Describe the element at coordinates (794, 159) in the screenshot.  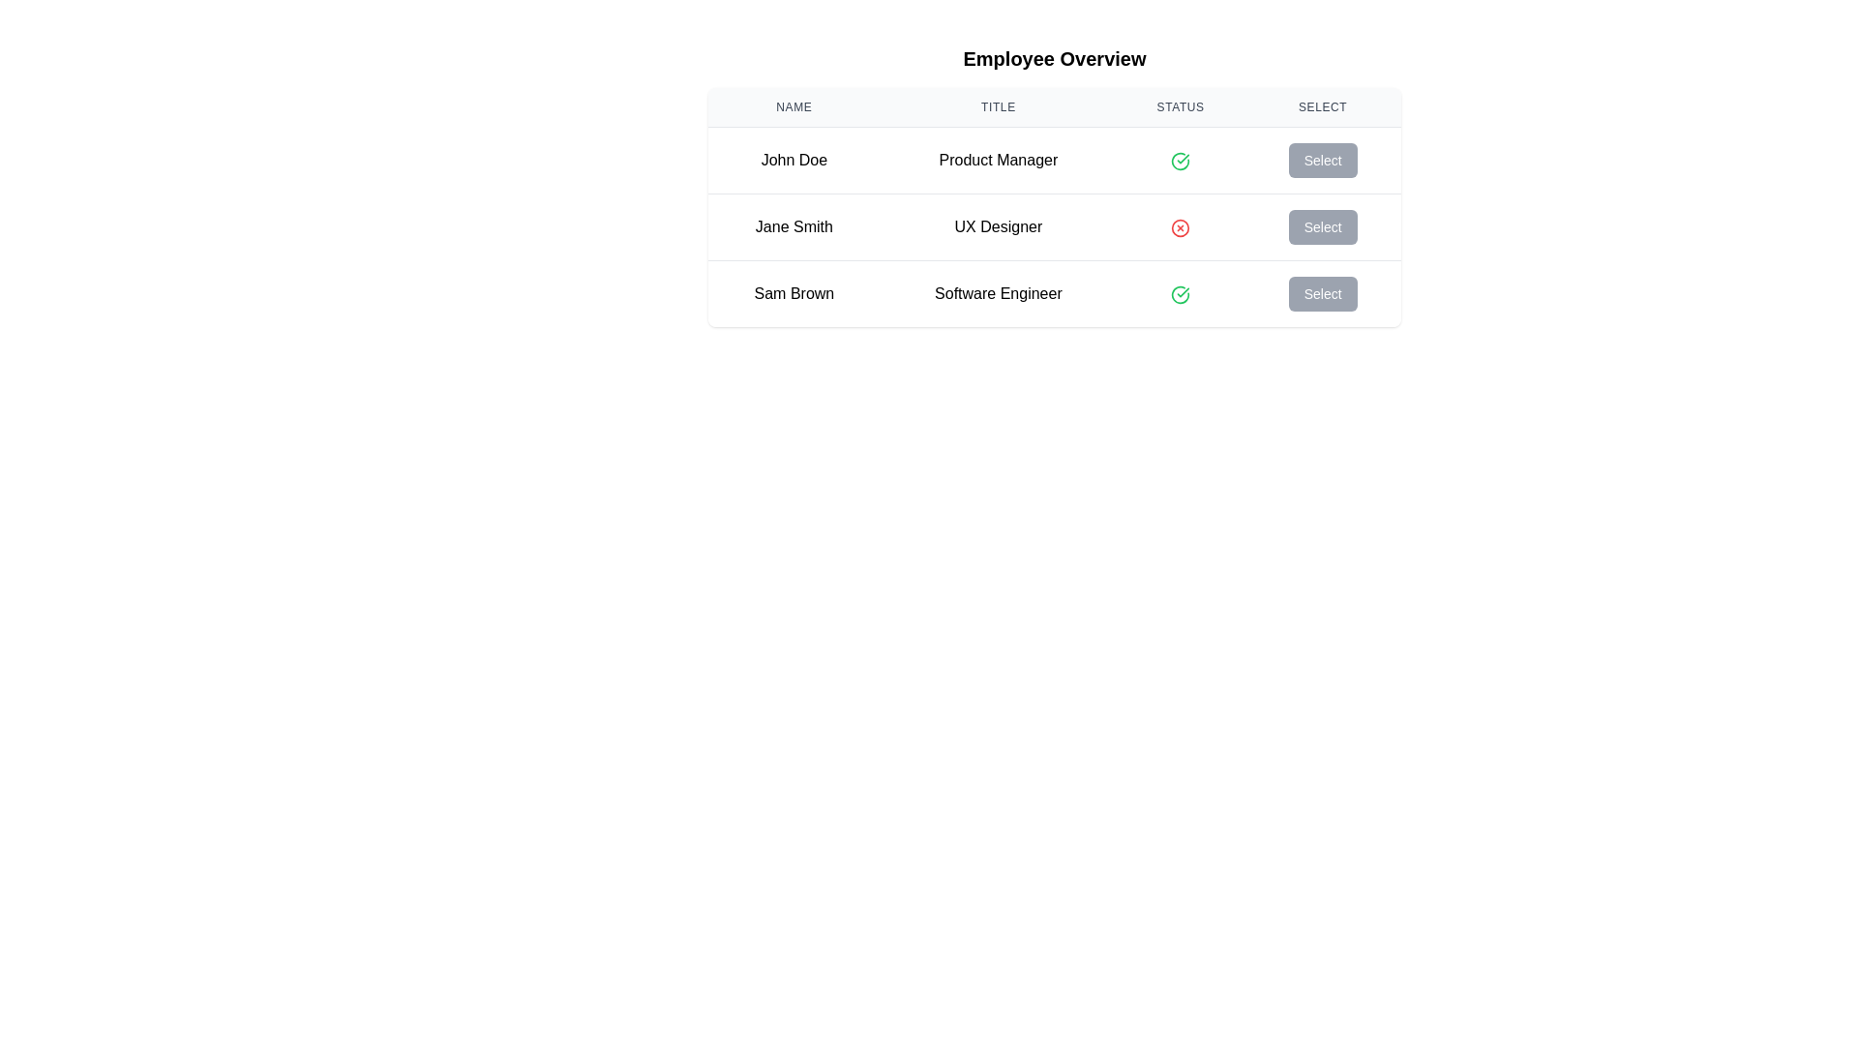
I see `text content of the label displaying 'John Doe', which is located in the first row of the employee list under the 'Name' heading` at that location.